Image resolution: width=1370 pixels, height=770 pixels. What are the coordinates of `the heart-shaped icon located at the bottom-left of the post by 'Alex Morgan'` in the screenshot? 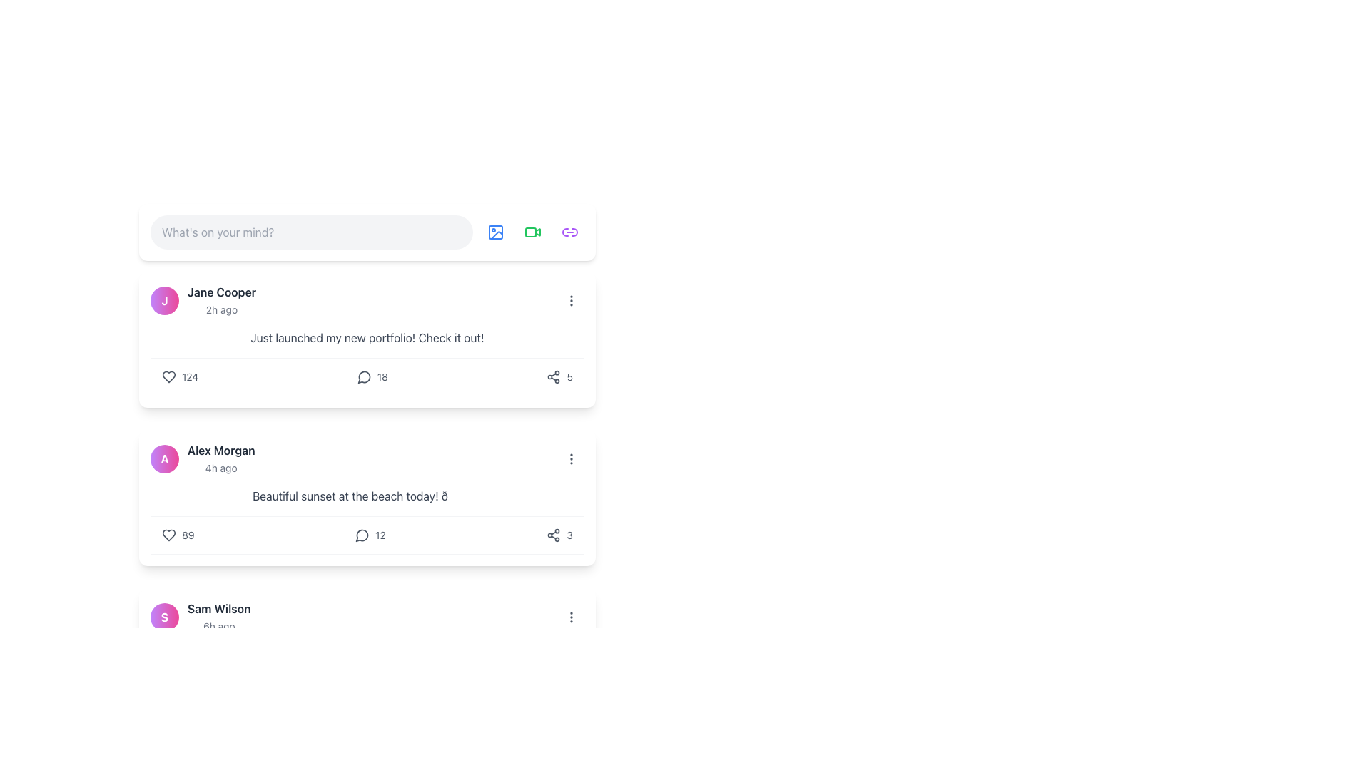 It's located at (168, 535).